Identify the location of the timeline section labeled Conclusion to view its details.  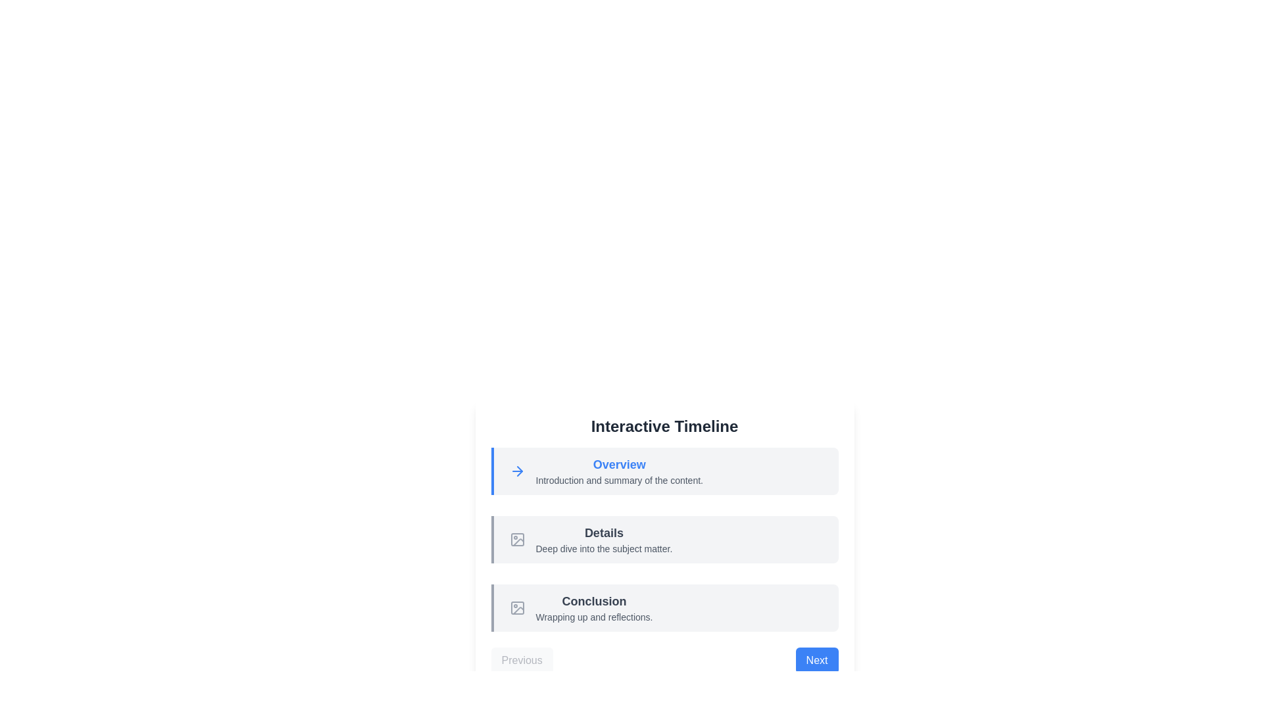
(664, 608).